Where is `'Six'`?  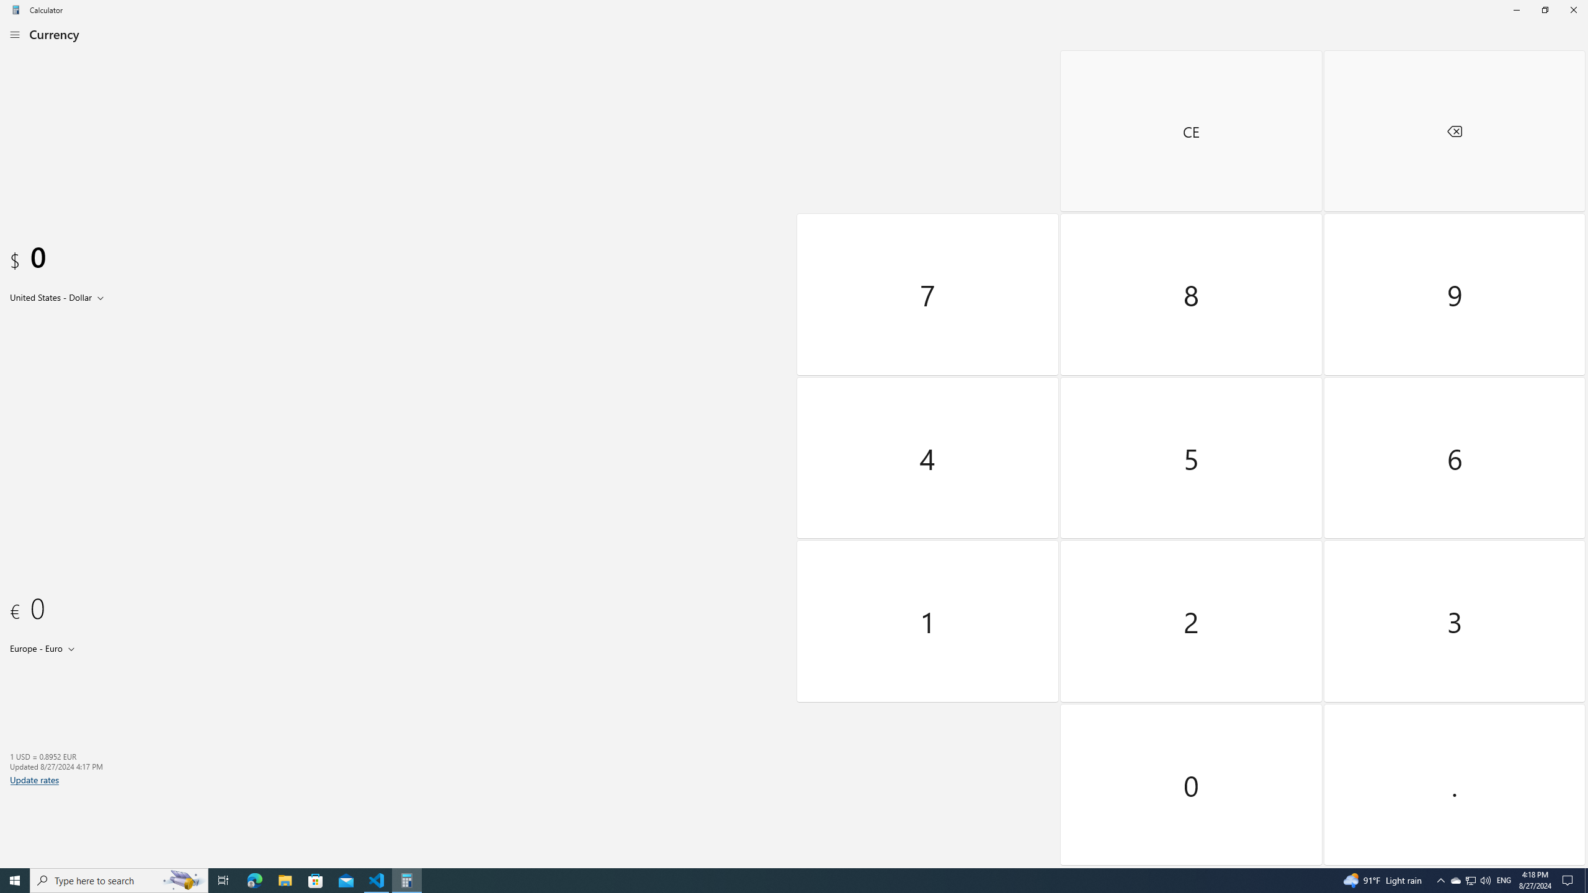 'Six' is located at coordinates (1453, 456).